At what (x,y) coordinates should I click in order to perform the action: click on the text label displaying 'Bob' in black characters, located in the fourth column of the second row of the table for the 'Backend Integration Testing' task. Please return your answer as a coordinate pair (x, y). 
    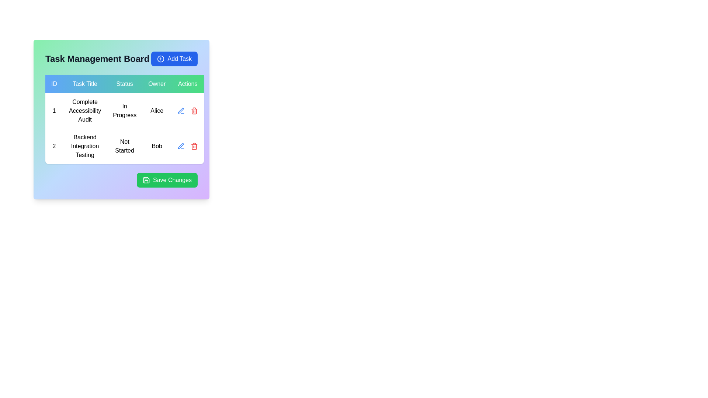
    Looking at the image, I should click on (156, 146).